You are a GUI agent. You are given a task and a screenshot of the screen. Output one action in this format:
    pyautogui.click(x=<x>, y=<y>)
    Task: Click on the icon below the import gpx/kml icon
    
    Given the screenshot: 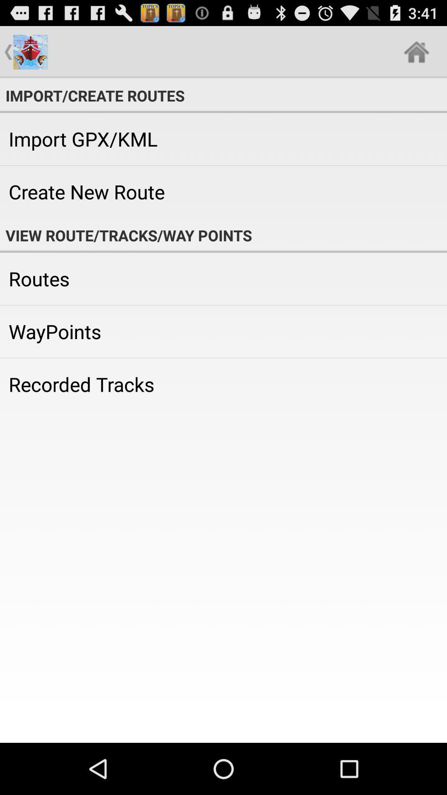 What is the action you would take?
    pyautogui.click(x=223, y=191)
    